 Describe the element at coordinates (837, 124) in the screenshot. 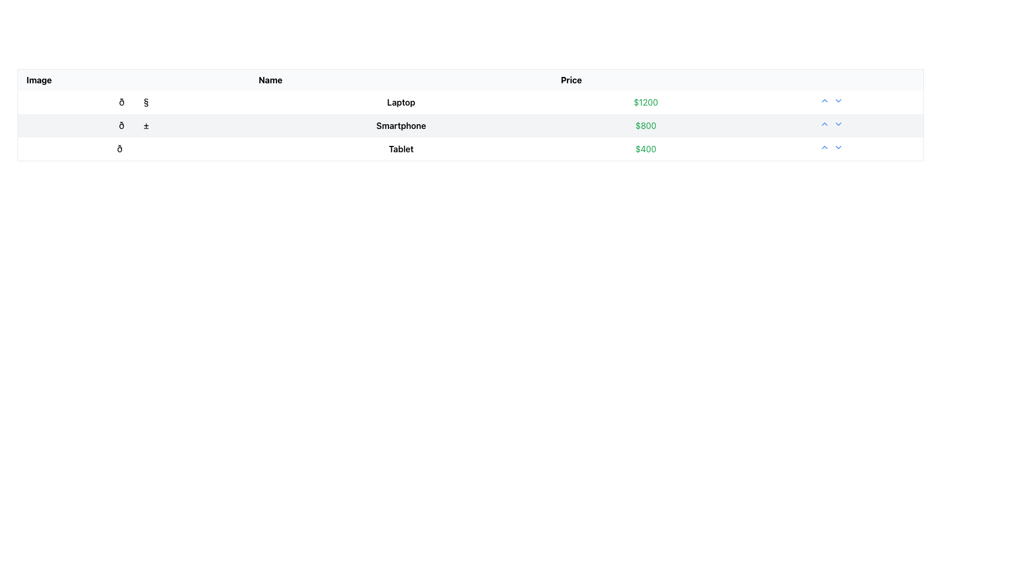

I see `the blue downward chevron button located in the price row of the table next to the $800 price value` at that location.